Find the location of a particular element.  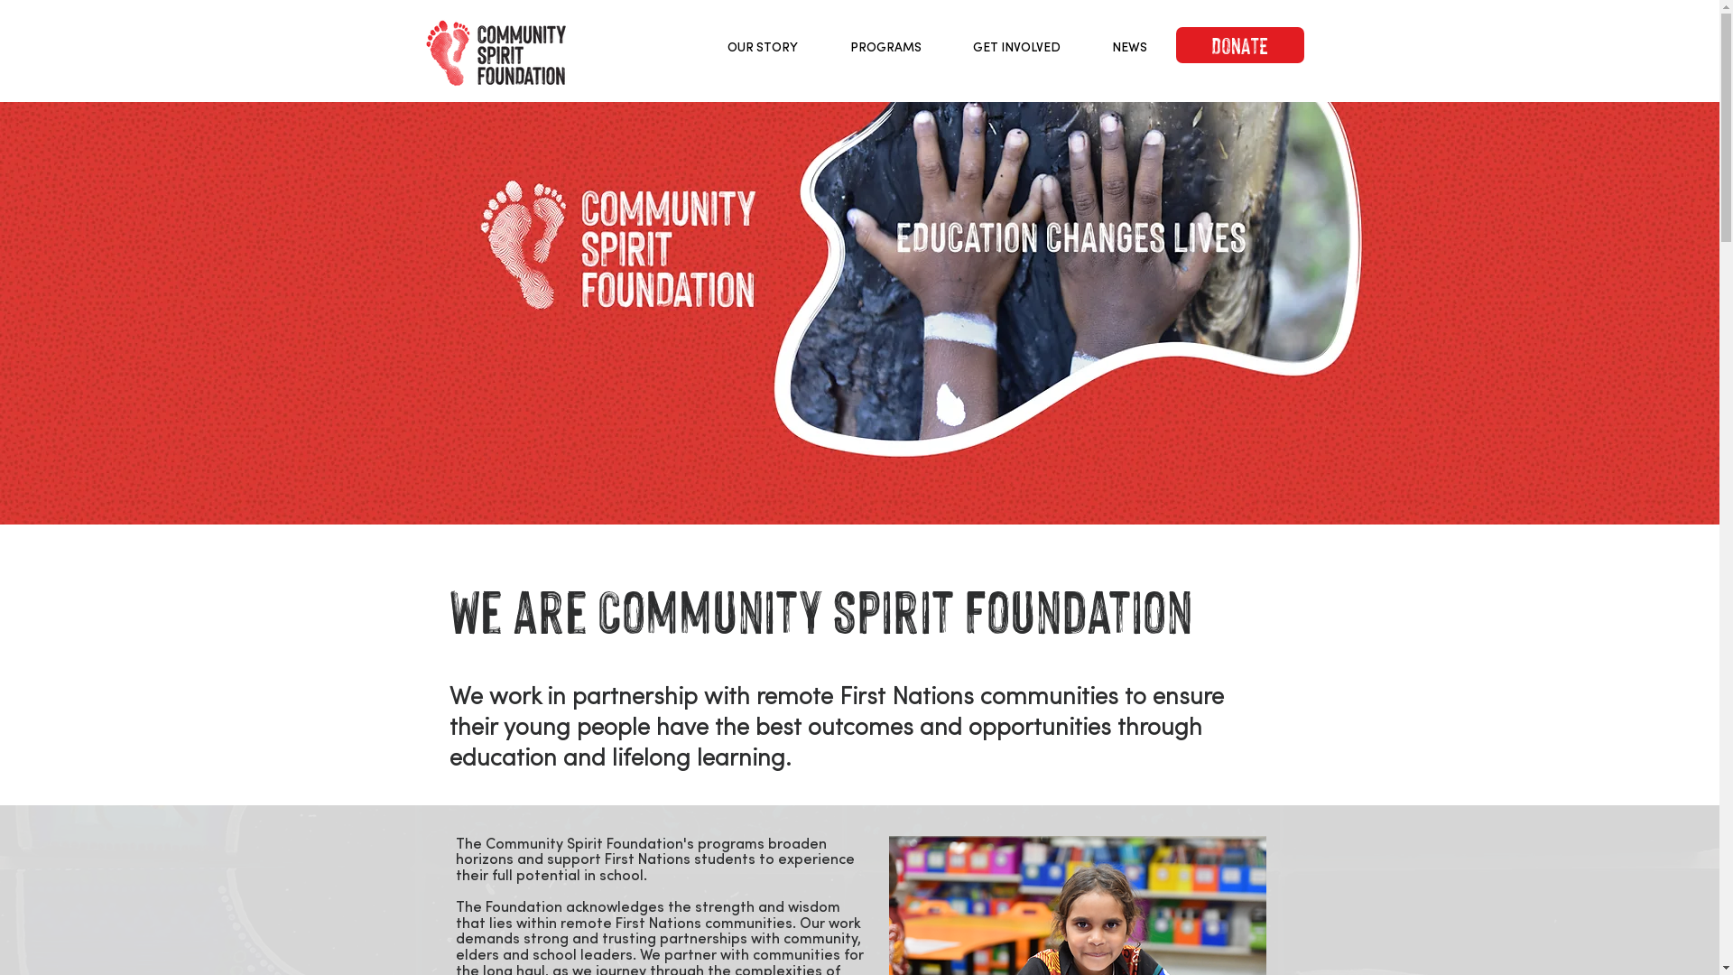

'NEWS' is located at coordinates (1086, 45).